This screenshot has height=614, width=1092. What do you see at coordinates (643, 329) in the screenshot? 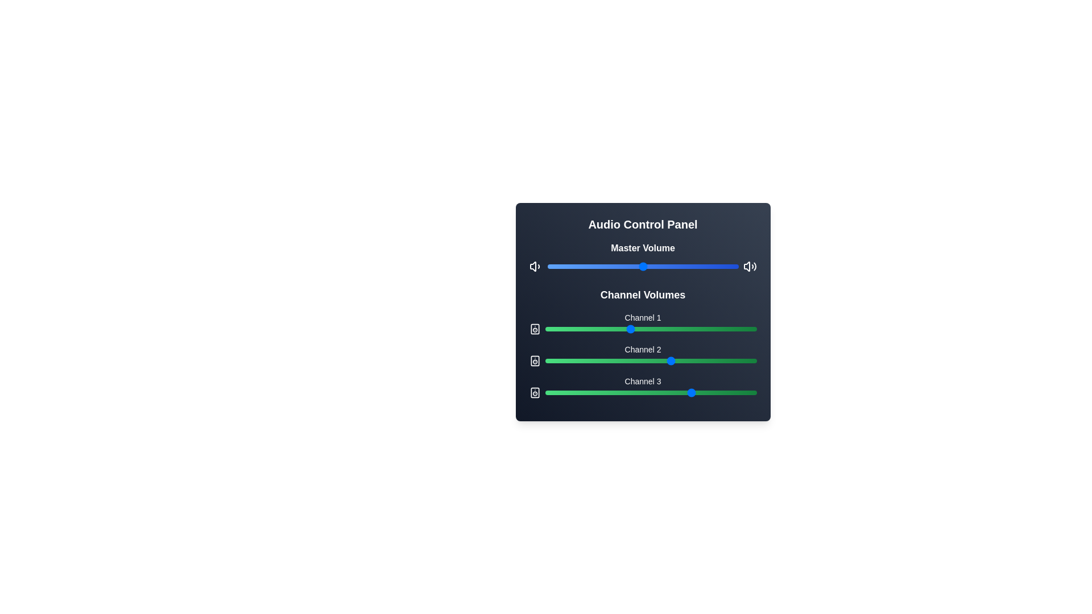
I see `the horizontal range slider under the 'Channel 1' label to check its current value` at bounding box center [643, 329].